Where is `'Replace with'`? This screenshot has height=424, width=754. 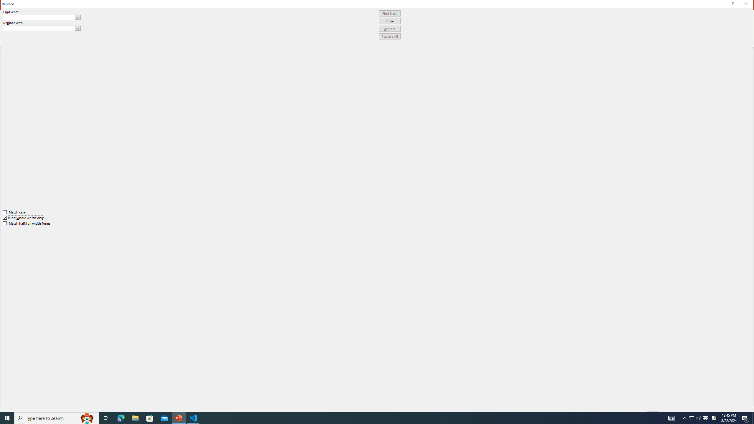 'Replace with' is located at coordinates (42, 28).